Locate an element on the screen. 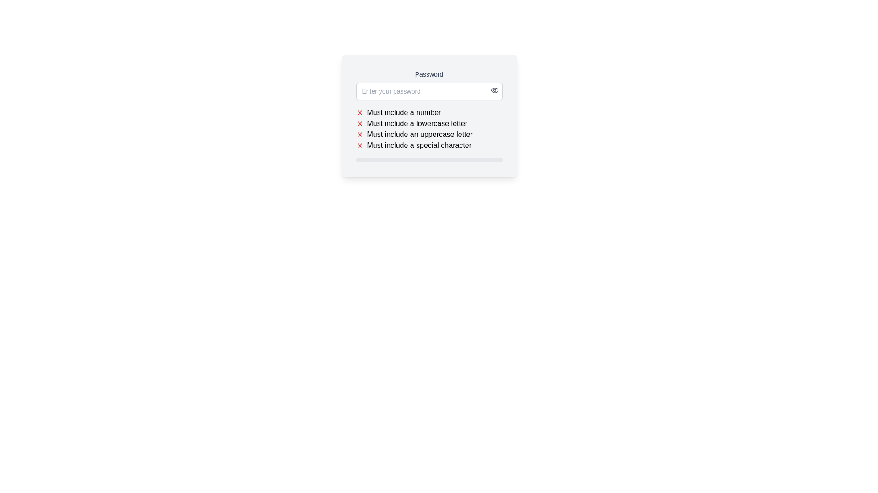  the visual status indicator text label that communicates the requirement for at least one special character in the password, located below the 'Must include an uppercase letter' requirement is located at coordinates (428, 145).